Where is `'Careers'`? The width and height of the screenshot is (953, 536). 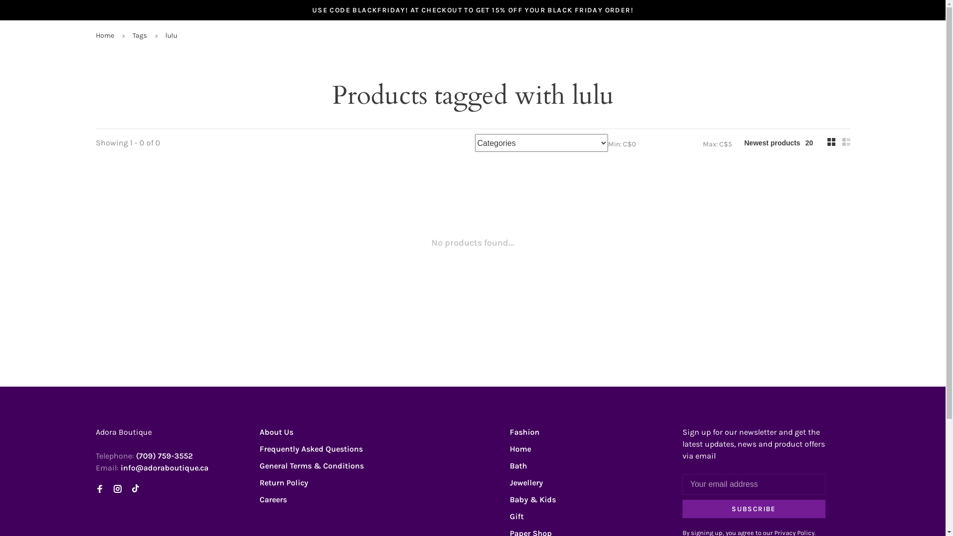
'Careers' is located at coordinates (272, 499).